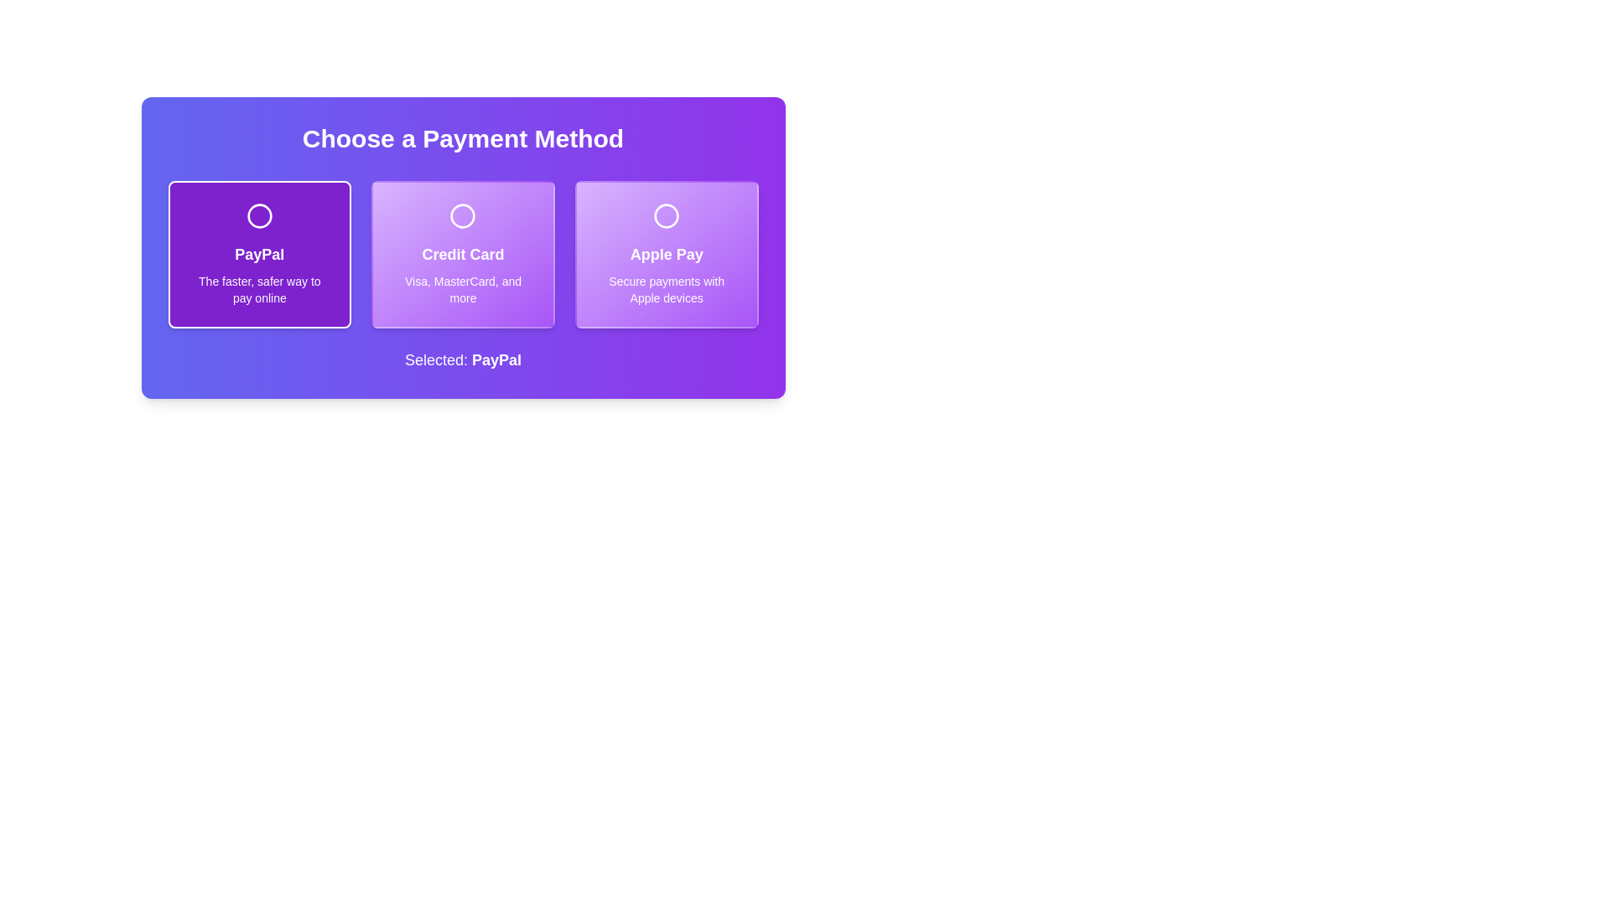 The height and width of the screenshot is (905, 1610). What do you see at coordinates (258, 289) in the screenshot?
I see `text element displaying 'The faster, safer way to pay online', which is styled in a smaller font size and centered below the title 'PayPal' within the PayPal card` at bounding box center [258, 289].